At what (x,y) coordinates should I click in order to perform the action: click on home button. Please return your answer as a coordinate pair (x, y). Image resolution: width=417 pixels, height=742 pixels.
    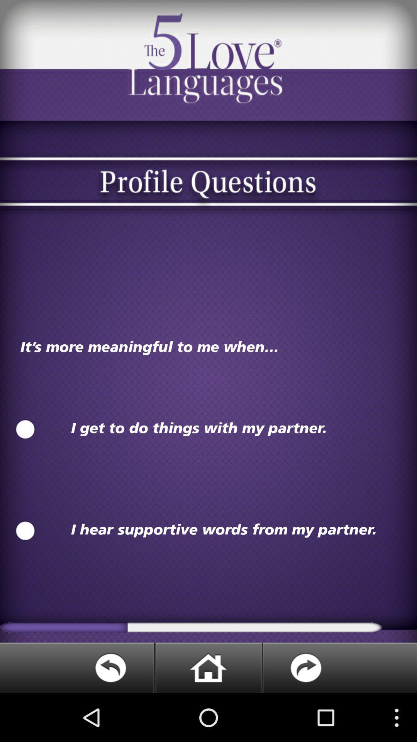
    Looking at the image, I should click on (208, 667).